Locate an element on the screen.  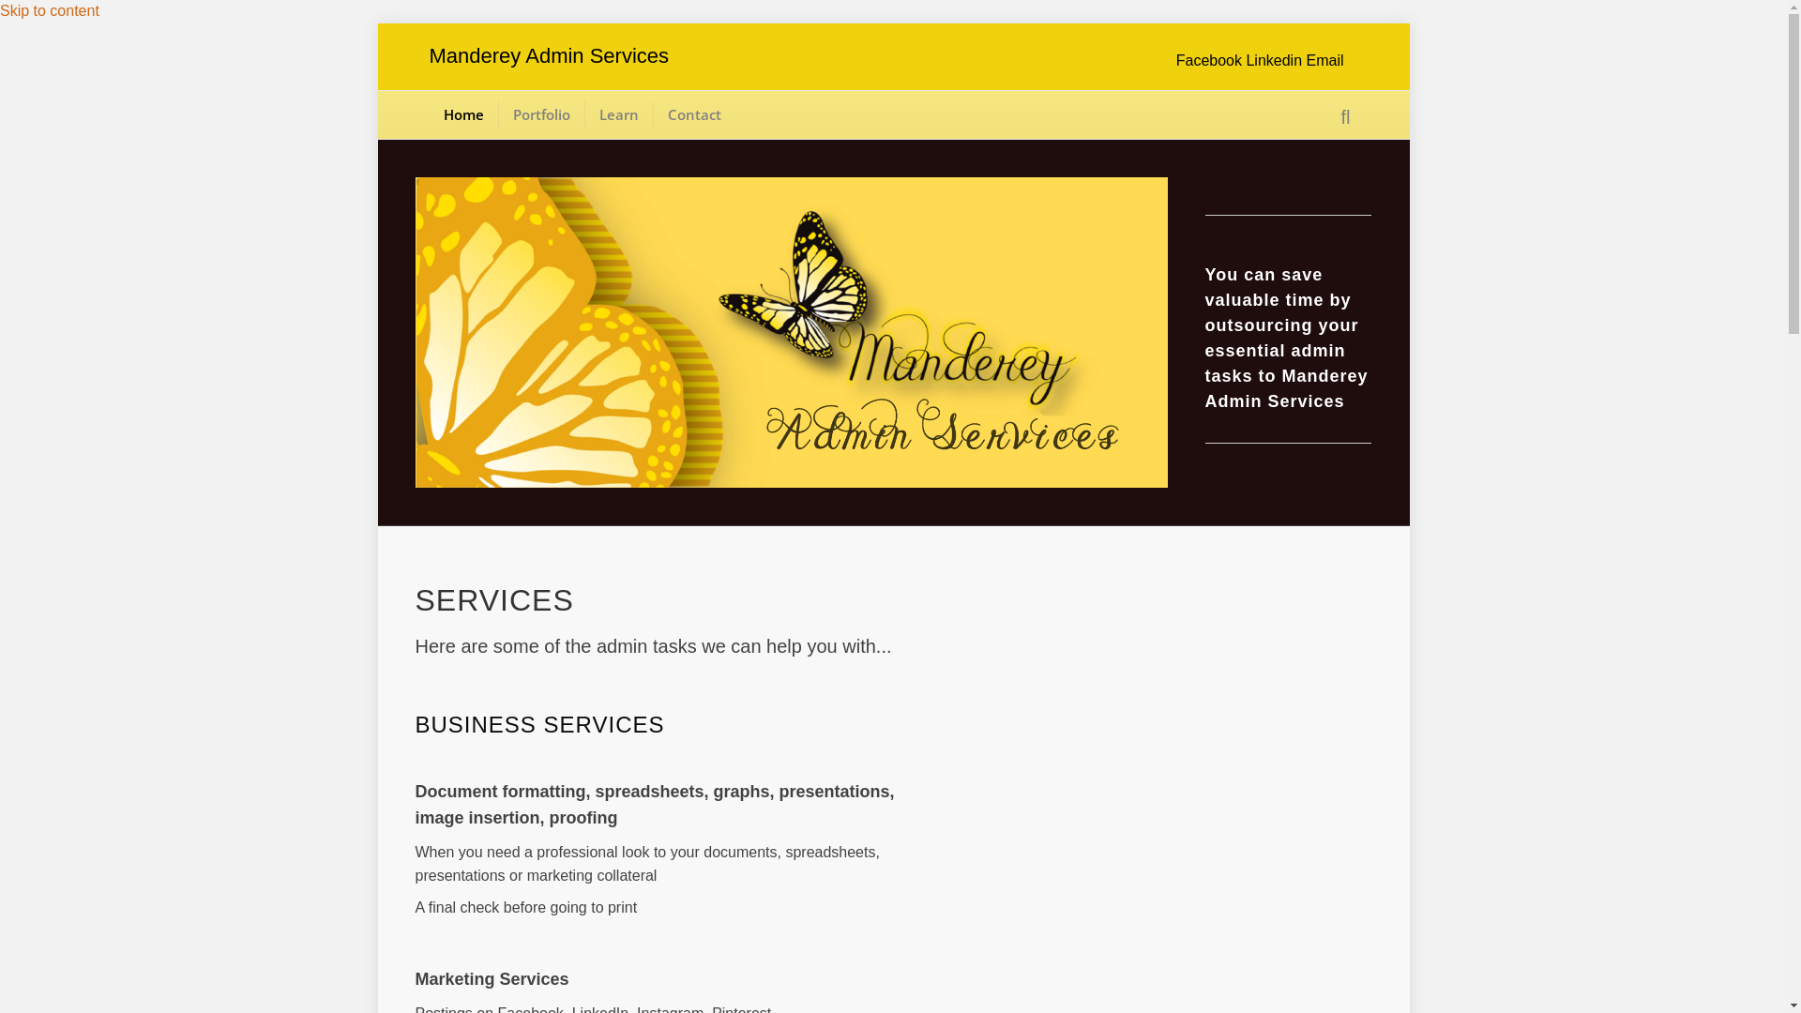
'Portfolio' is located at coordinates (540, 114).